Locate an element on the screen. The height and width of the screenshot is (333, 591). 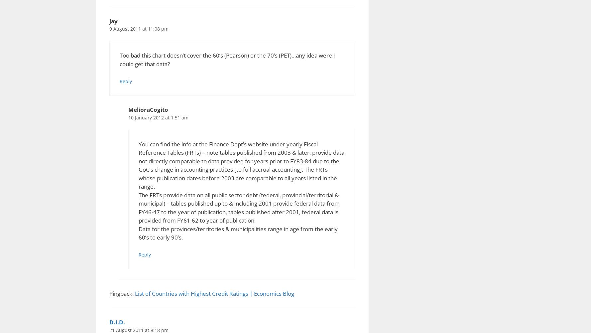
'D.I.D.' is located at coordinates (117, 322).